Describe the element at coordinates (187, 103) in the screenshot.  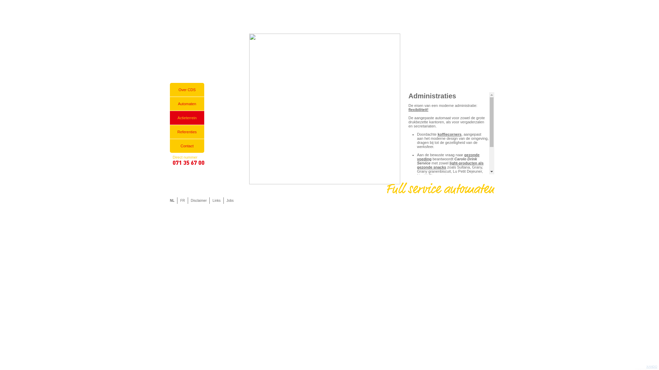
I see `'Automaten'` at that location.